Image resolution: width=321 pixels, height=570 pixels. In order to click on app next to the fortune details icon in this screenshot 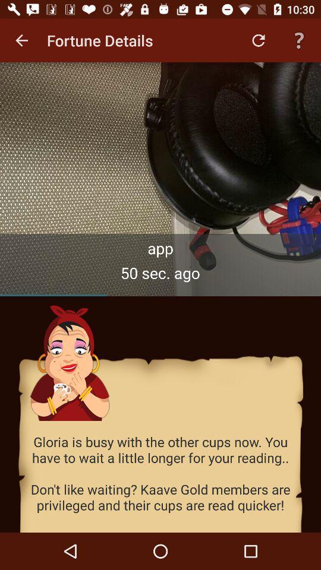, I will do `click(21, 40)`.